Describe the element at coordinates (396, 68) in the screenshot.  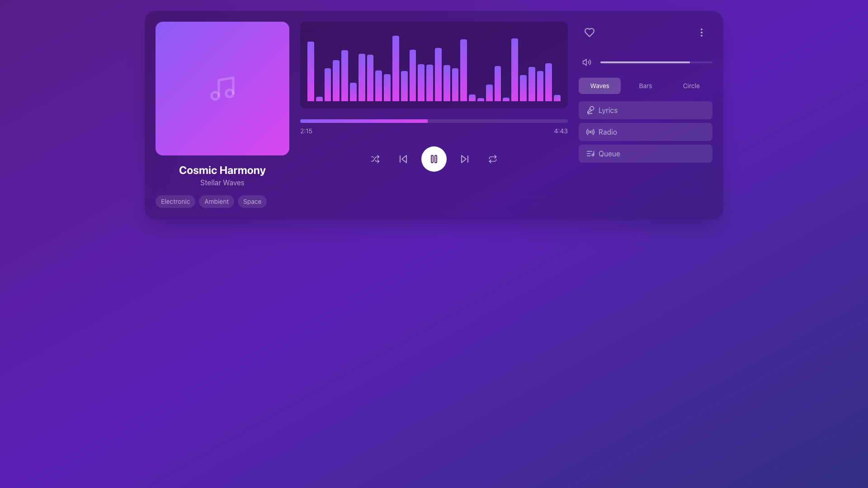
I see `the 11th bar in the audio wave visualizer, which is part of a series of similar horizontal bars` at that location.